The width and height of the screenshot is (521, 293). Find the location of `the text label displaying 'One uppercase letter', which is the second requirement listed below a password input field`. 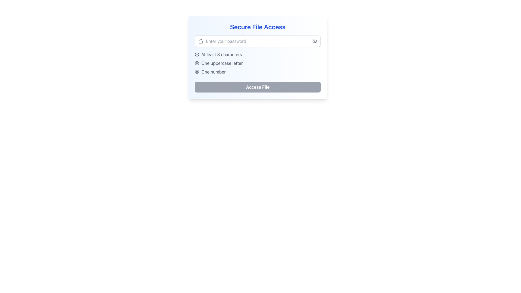

the text label displaying 'One uppercase letter', which is the second requirement listed below a password input field is located at coordinates (222, 63).